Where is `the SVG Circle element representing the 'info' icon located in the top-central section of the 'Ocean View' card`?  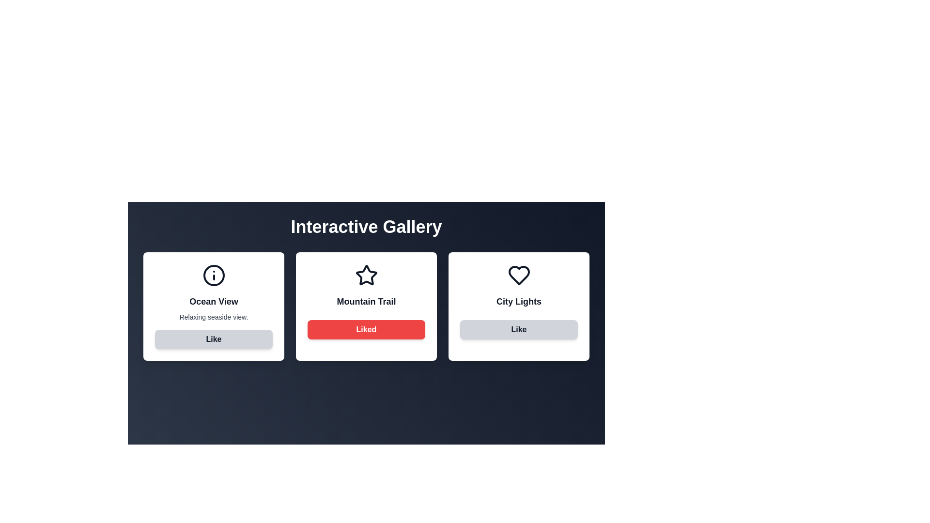 the SVG Circle element representing the 'info' icon located in the top-central section of the 'Ocean View' card is located at coordinates (213, 276).